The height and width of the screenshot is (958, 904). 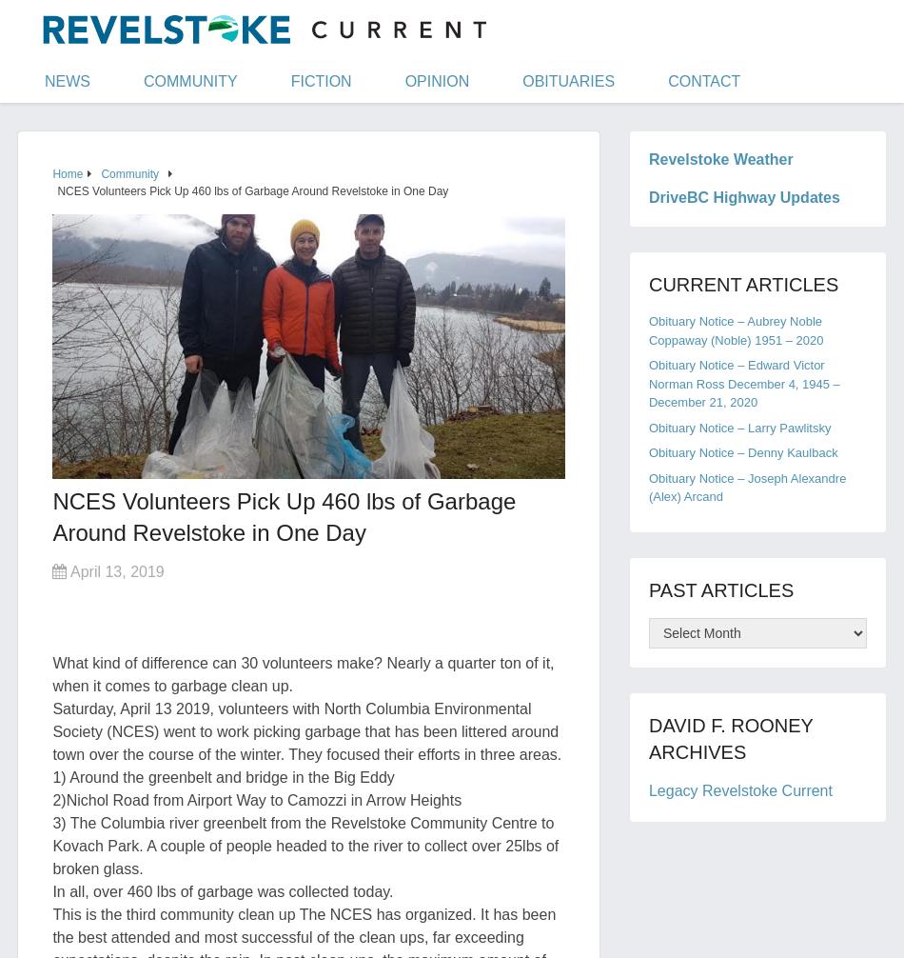 I want to click on 'Saturday, April 13 2019, volunteers with North Columbia Environmental Society (NCES) went to work picking garbage that has been littered around town over the course of the winter. They focused their efforts in three areas.', so click(x=305, y=729).